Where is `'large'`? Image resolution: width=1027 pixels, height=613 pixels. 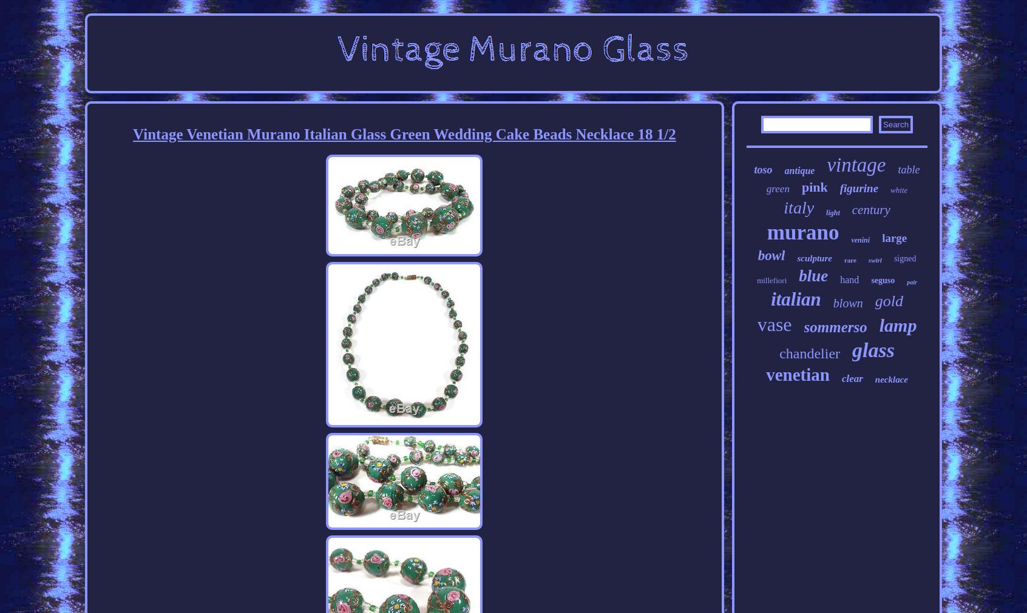
'large' is located at coordinates (893, 237).